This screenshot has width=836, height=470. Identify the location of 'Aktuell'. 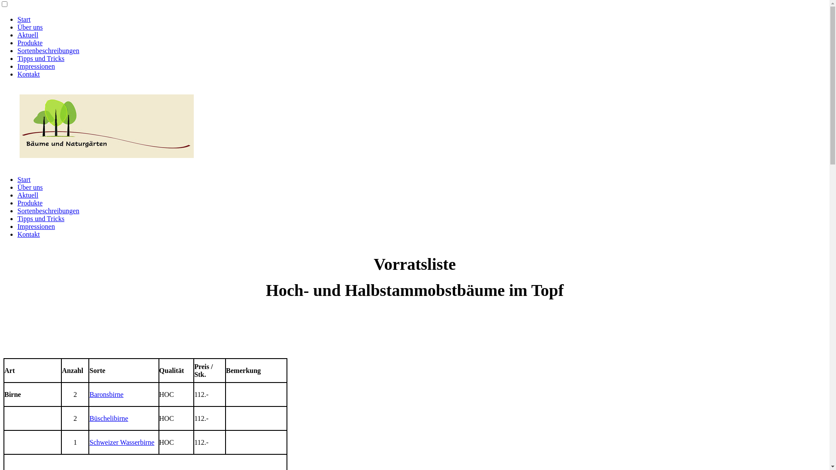
(27, 34).